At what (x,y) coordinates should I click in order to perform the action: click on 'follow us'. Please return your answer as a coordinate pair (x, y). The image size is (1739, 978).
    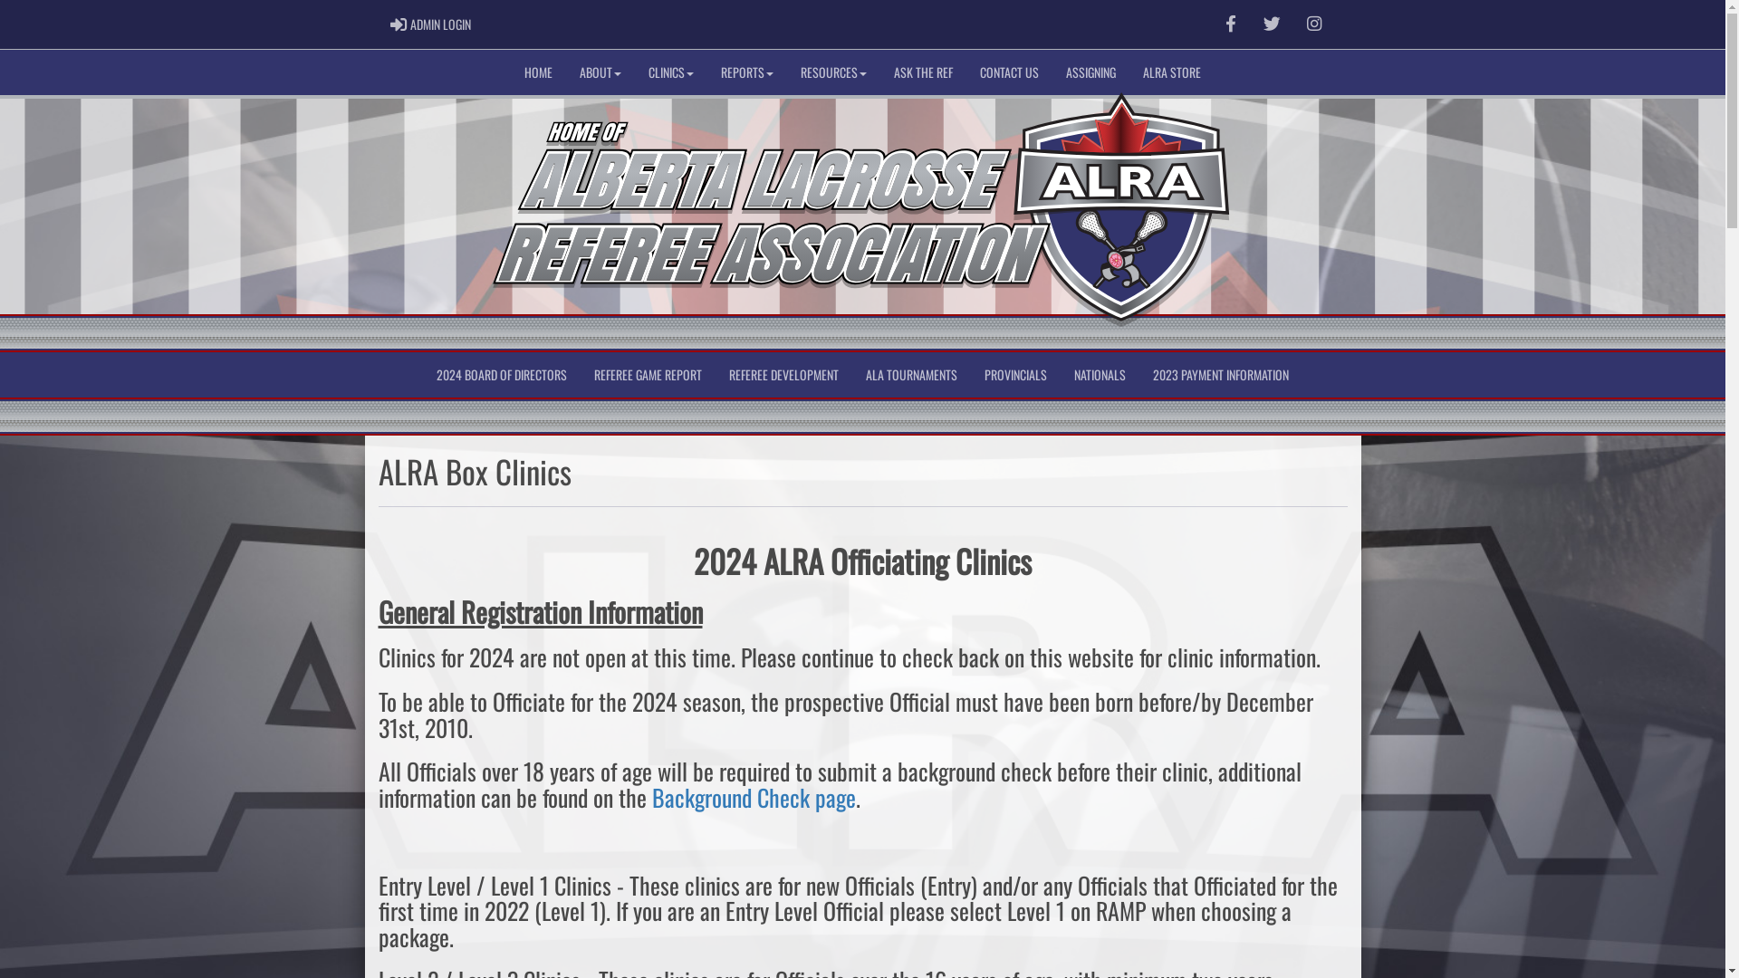
    Looking at the image, I should click on (1271, 24).